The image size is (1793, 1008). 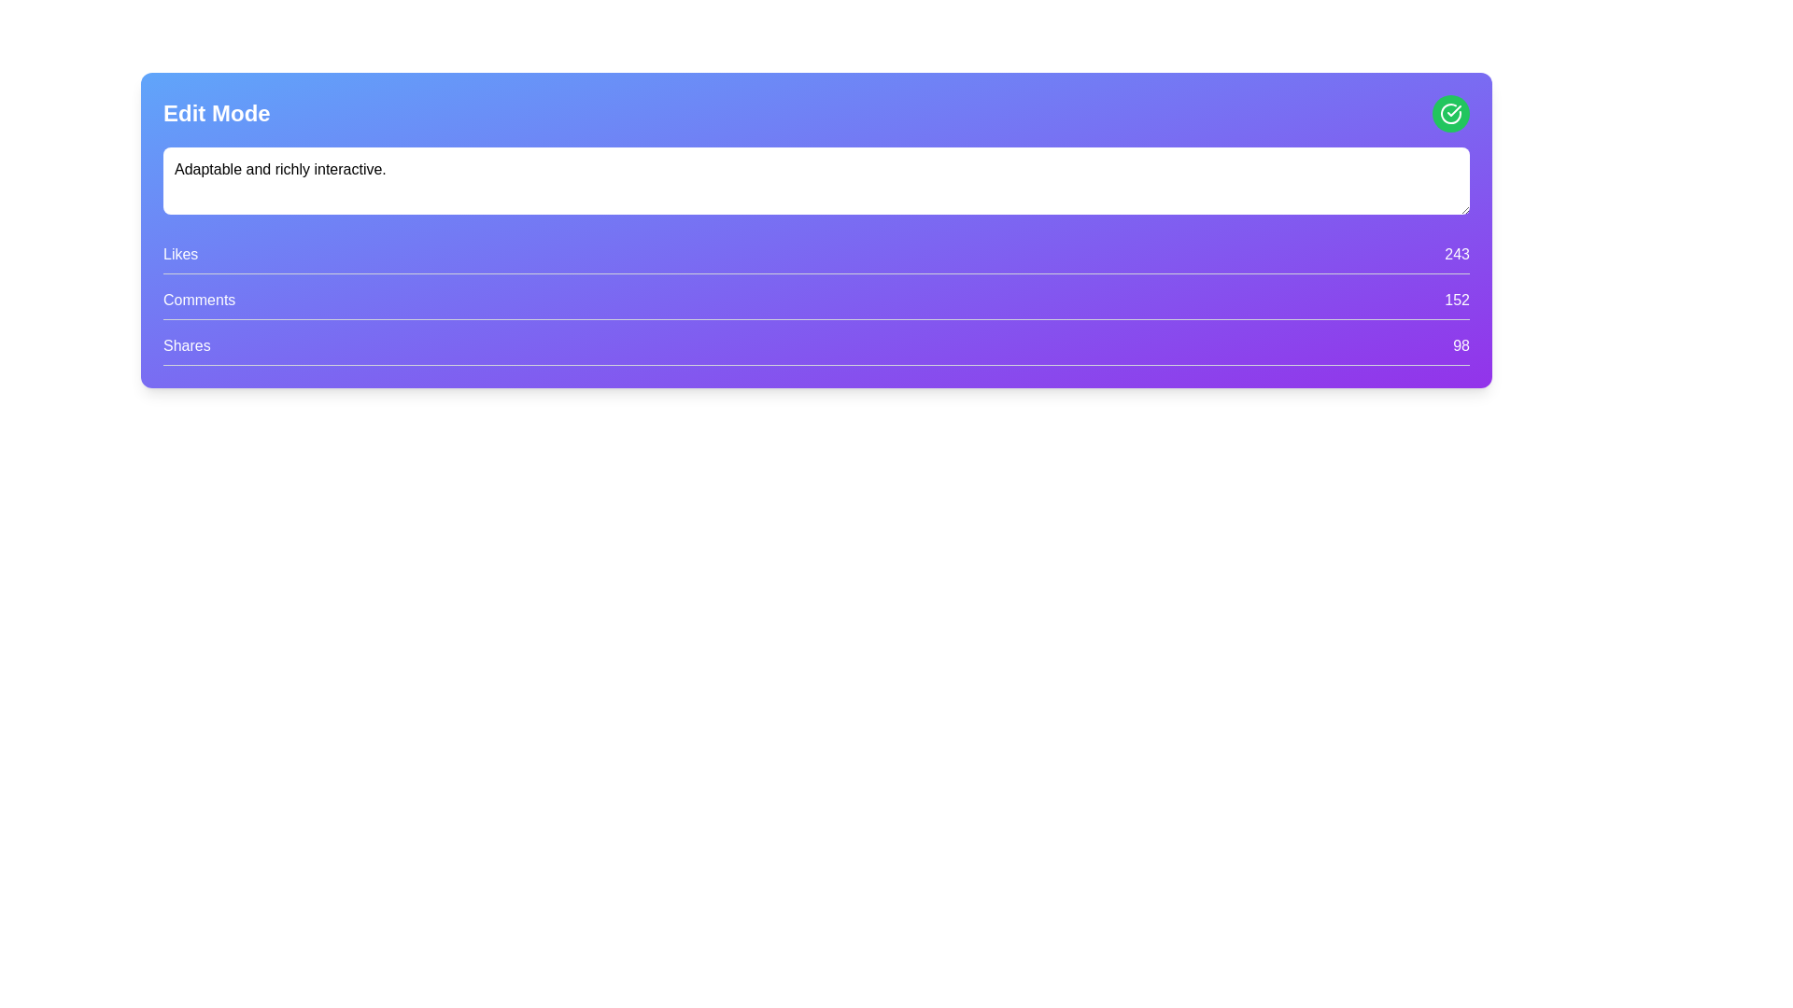 What do you see at coordinates (199, 299) in the screenshot?
I see `the 'Comments' text label that indicates the category of items in the Edit Mode section` at bounding box center [199, 299].